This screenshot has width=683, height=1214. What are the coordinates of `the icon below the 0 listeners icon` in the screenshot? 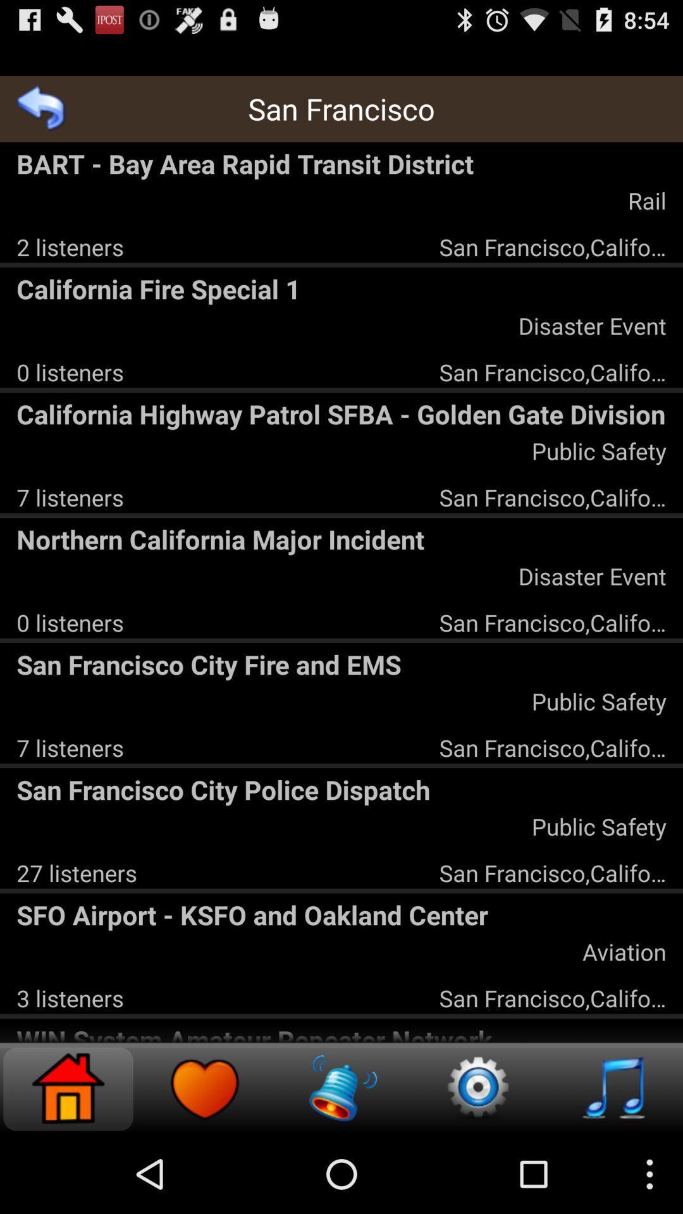 It's located at (341, 414).